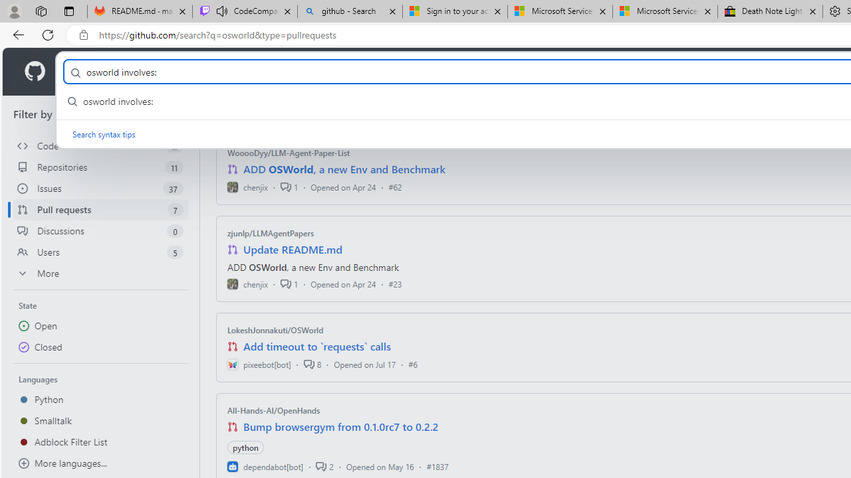 The height and width of the screenshot is (478, 851). I want to click on 'ADD OSWorld, a new Env and Benchmark', so click(344, 169).